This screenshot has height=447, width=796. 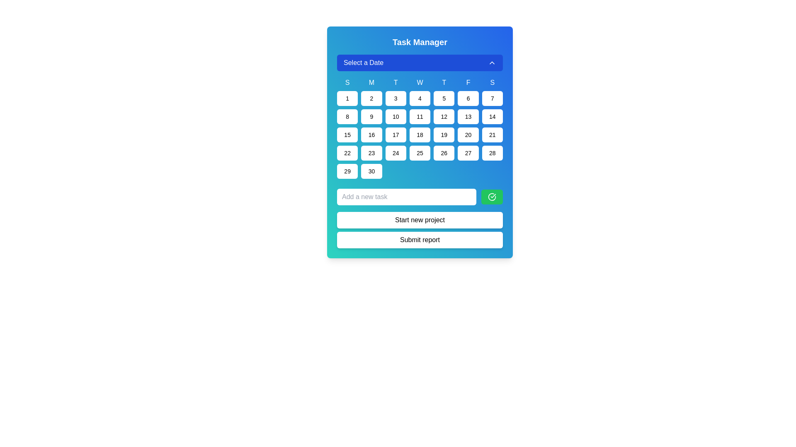 I want to click on the calendar day button labeled '3' in the second row and third column of the calendar grid in the Task Manager interface, so click(x=395, y=98).